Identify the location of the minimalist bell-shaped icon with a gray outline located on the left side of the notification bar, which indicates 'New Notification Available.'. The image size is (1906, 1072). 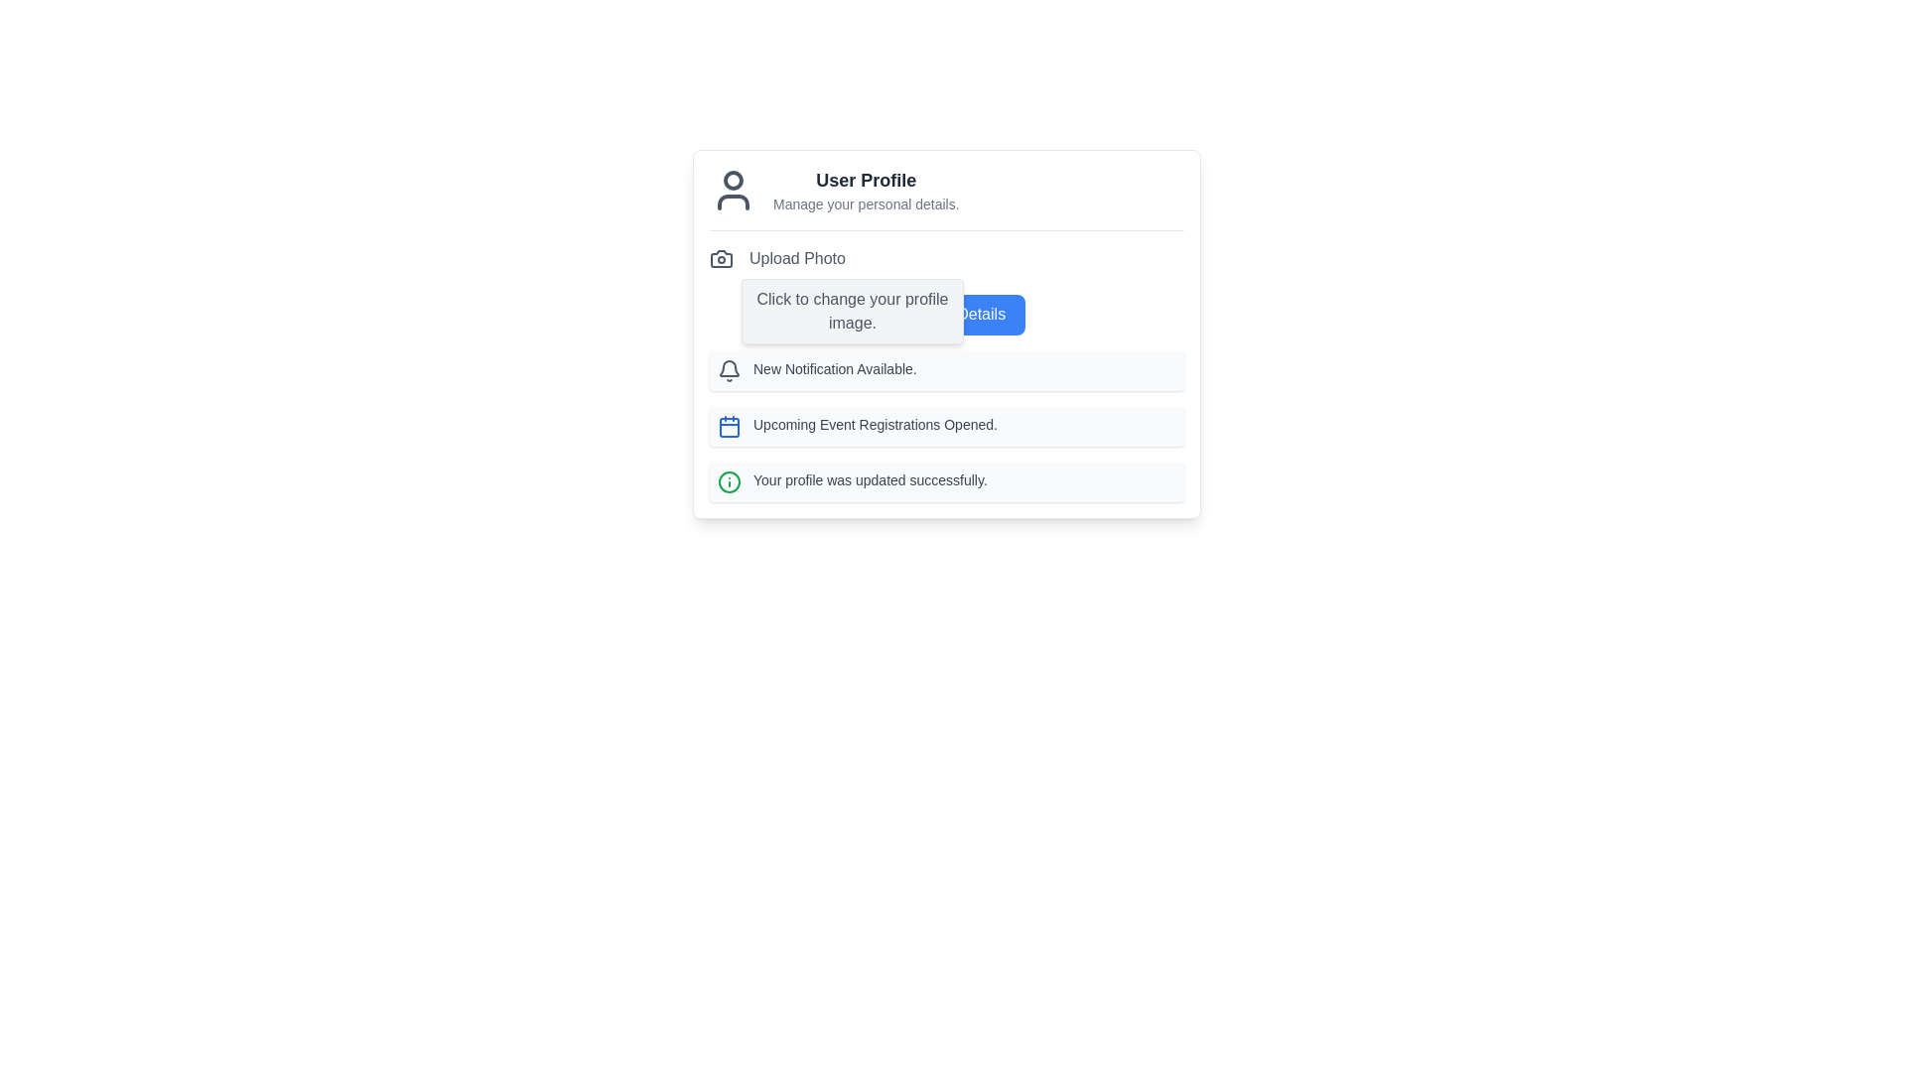
(728, 370).